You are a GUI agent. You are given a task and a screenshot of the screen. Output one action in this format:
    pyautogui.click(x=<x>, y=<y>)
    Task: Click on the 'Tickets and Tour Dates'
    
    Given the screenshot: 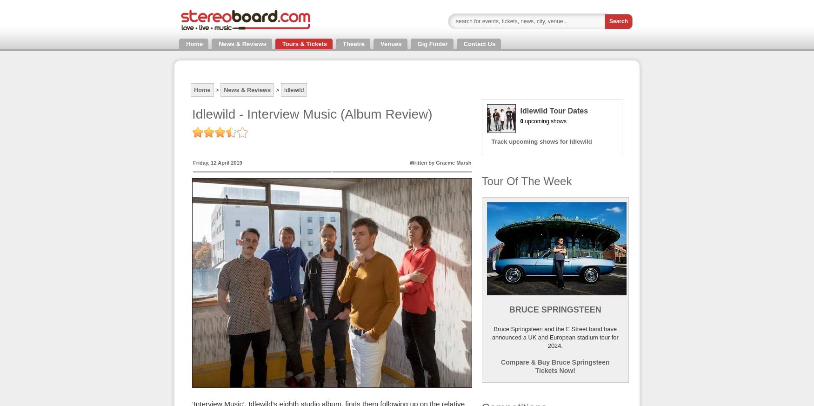 What is the action you would take?
    pyautogui.click(x=34, y=7)
    